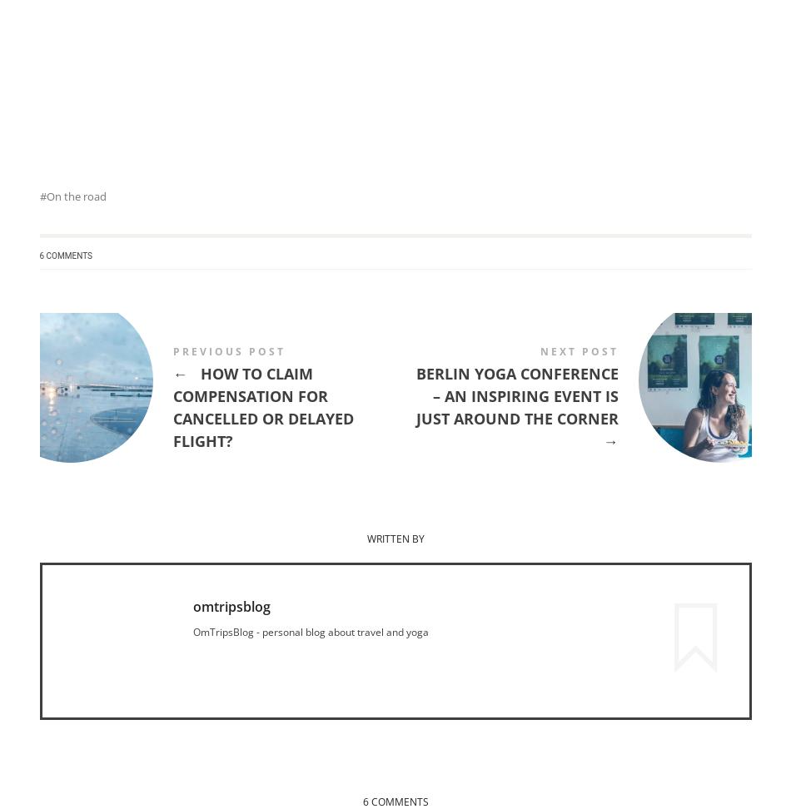  Describe the element at coordinates (230, 605) in the screenshot. I see `'omtripsblog'` at that location.